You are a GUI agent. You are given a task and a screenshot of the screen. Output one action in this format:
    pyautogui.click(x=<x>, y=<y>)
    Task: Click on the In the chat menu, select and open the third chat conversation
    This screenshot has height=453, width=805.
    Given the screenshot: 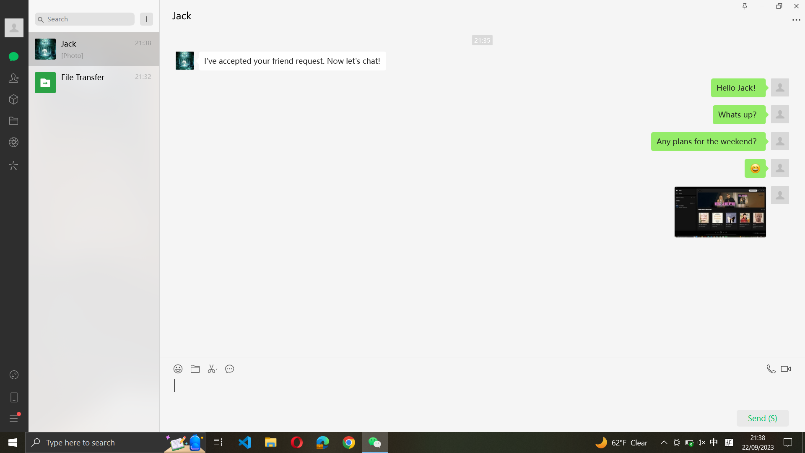 What is the action you would take?
    pyautogui.click(x=14, y=57)
    